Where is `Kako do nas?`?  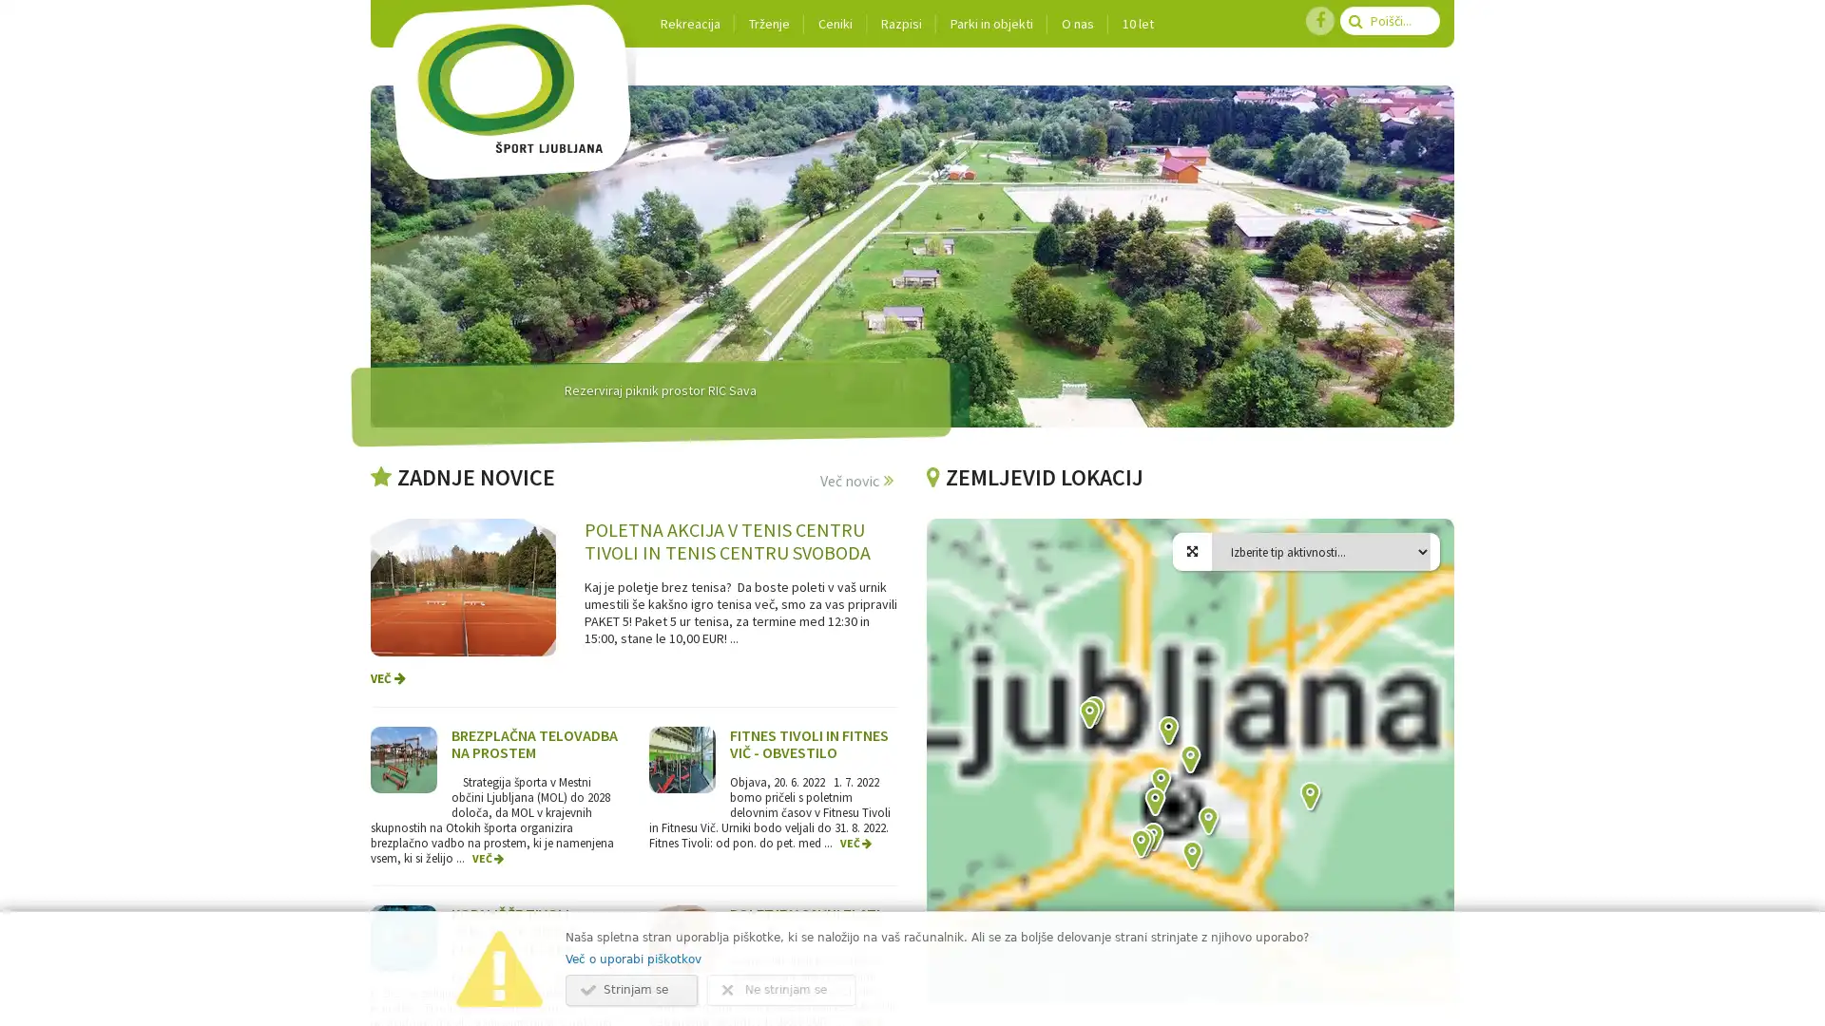
Kako do nas? is located at coordinates (1088, 715).